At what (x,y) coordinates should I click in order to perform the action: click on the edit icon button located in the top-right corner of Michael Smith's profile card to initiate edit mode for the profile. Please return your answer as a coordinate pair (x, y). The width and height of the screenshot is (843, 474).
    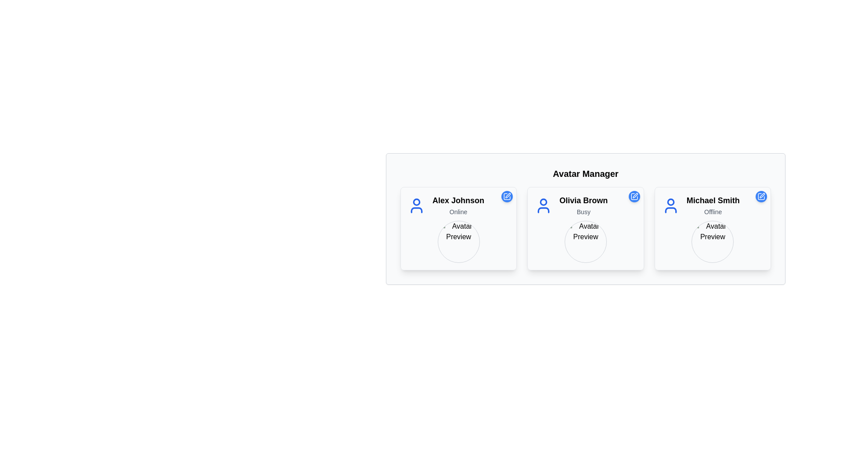
    Looking at the image, I should click on (760, 196).